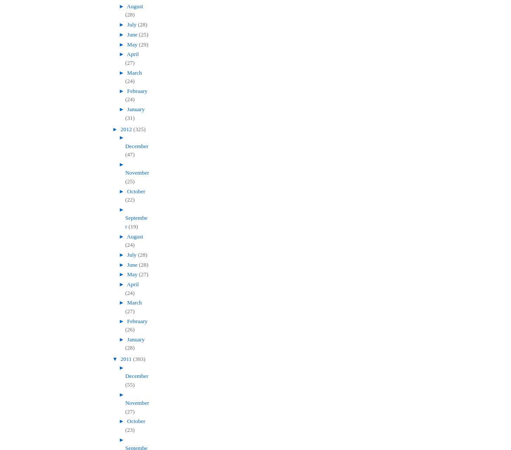  Describe the element at coordinates (126, 359) in the screenshot. I see `'2011'` at that location.